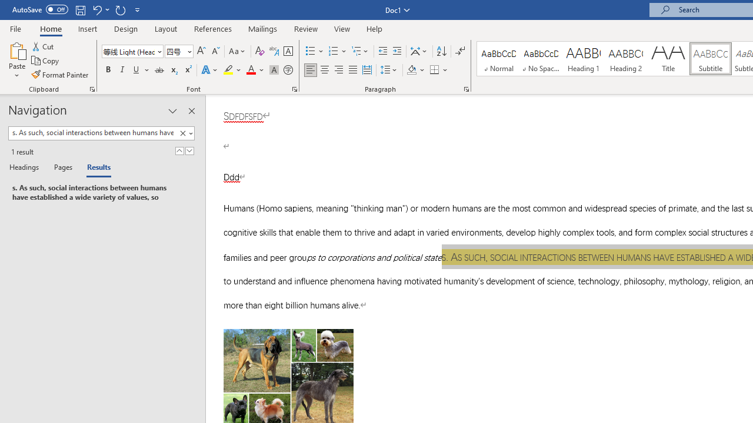 The height and width of the screenshot is (423, 753). What do you see at coordinates (438, 70) in the screenshot?
I see `'Borders'` at bounding box center [438, 70].